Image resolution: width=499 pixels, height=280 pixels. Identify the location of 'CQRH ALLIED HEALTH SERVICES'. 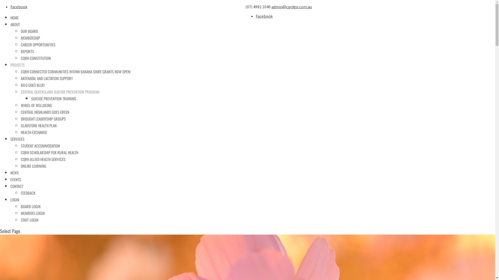
(43, 159).